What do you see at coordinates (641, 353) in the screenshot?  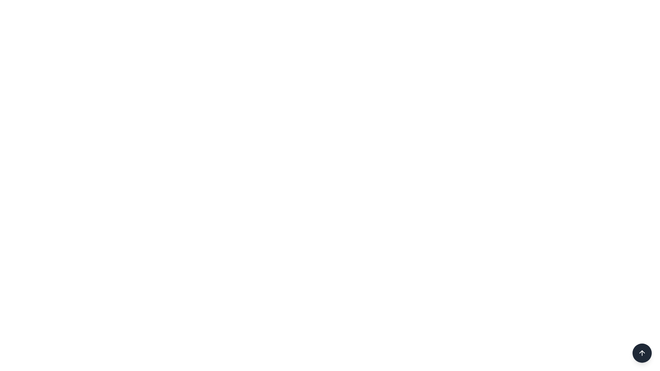 I see `the upward arrow icon located in the circular dark button at the bottom-right corner of the interface` at bounding box center [641, 353].